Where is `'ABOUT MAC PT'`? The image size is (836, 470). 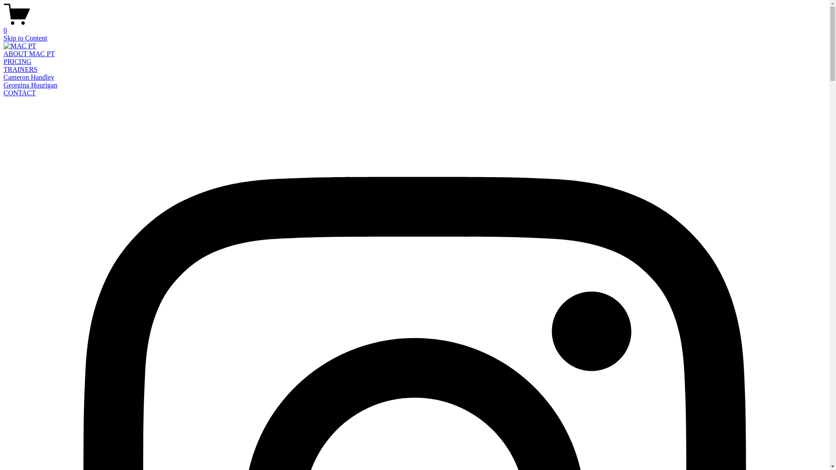
'ABOUT MAC PT' is located at coordinates (29, 54).